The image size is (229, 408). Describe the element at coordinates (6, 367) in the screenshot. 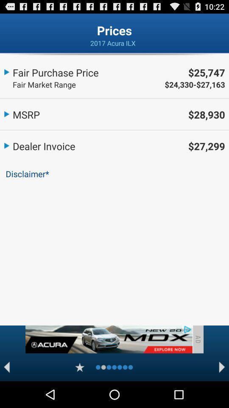

I see `previous page` at that location.